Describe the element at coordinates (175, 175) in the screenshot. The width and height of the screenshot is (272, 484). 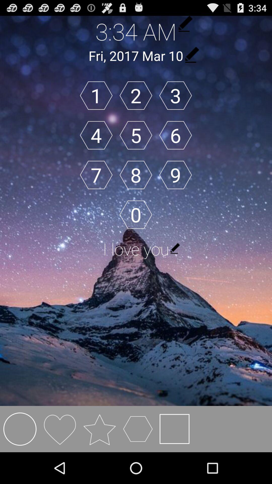
I see `button to the right of the 8 button` at that location.